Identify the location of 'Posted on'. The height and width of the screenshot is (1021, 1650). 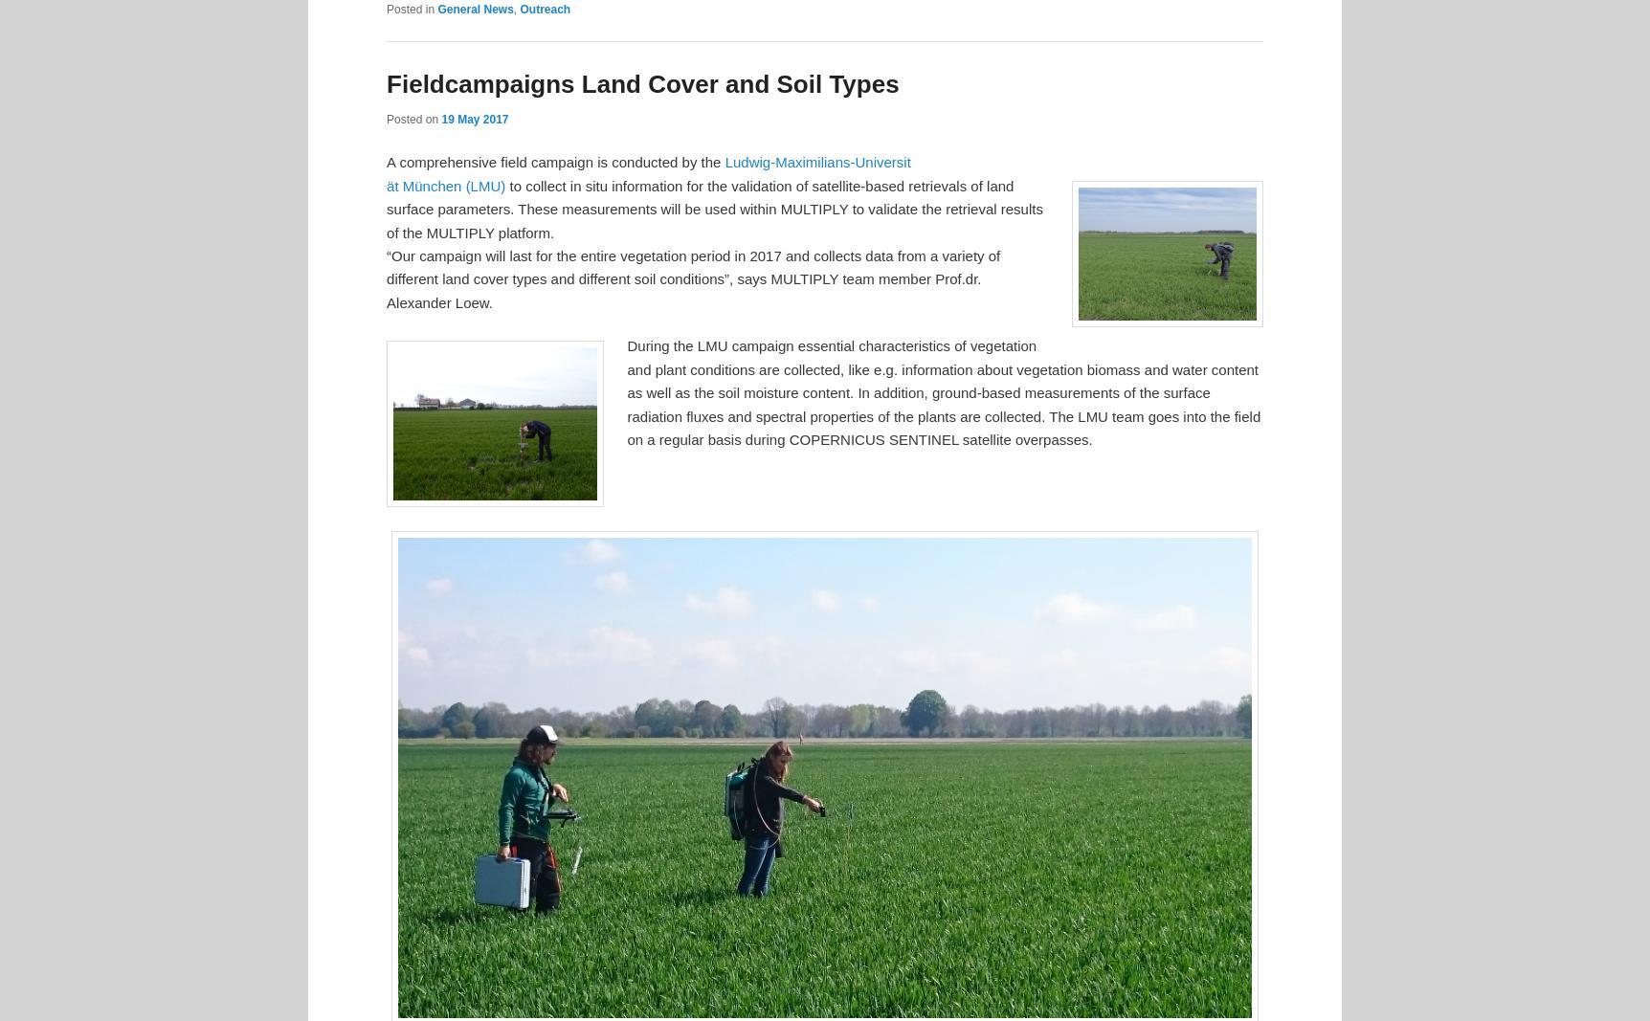
(413, 119).